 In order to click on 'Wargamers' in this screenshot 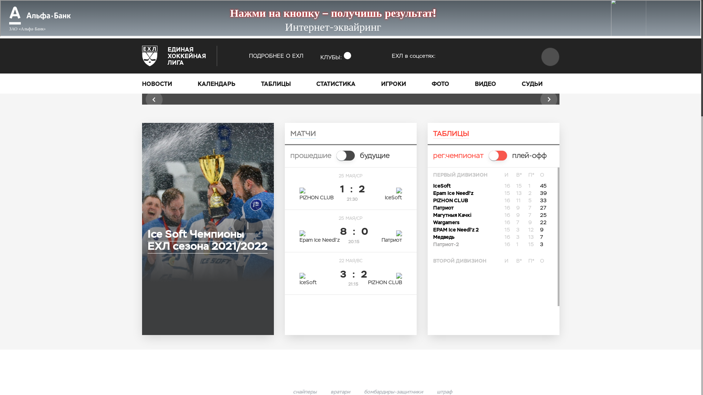, I will do `click(446, 222)`.